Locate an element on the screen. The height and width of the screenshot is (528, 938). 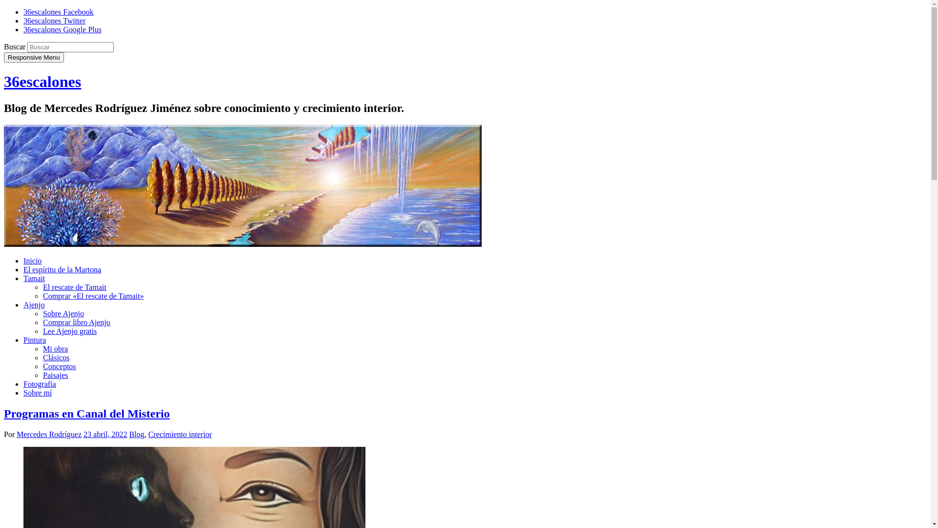
'Responsive Menu' is located at coordinates (34, 57).